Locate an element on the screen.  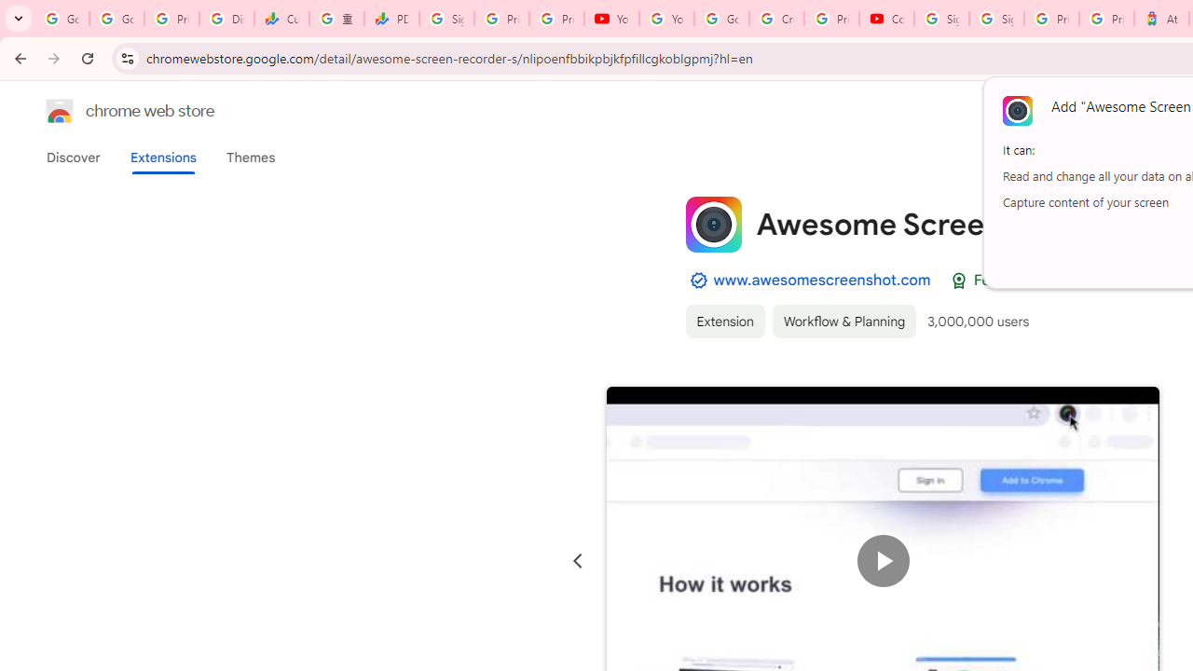
'Featured Badge' is located at coordinates (958, 281).